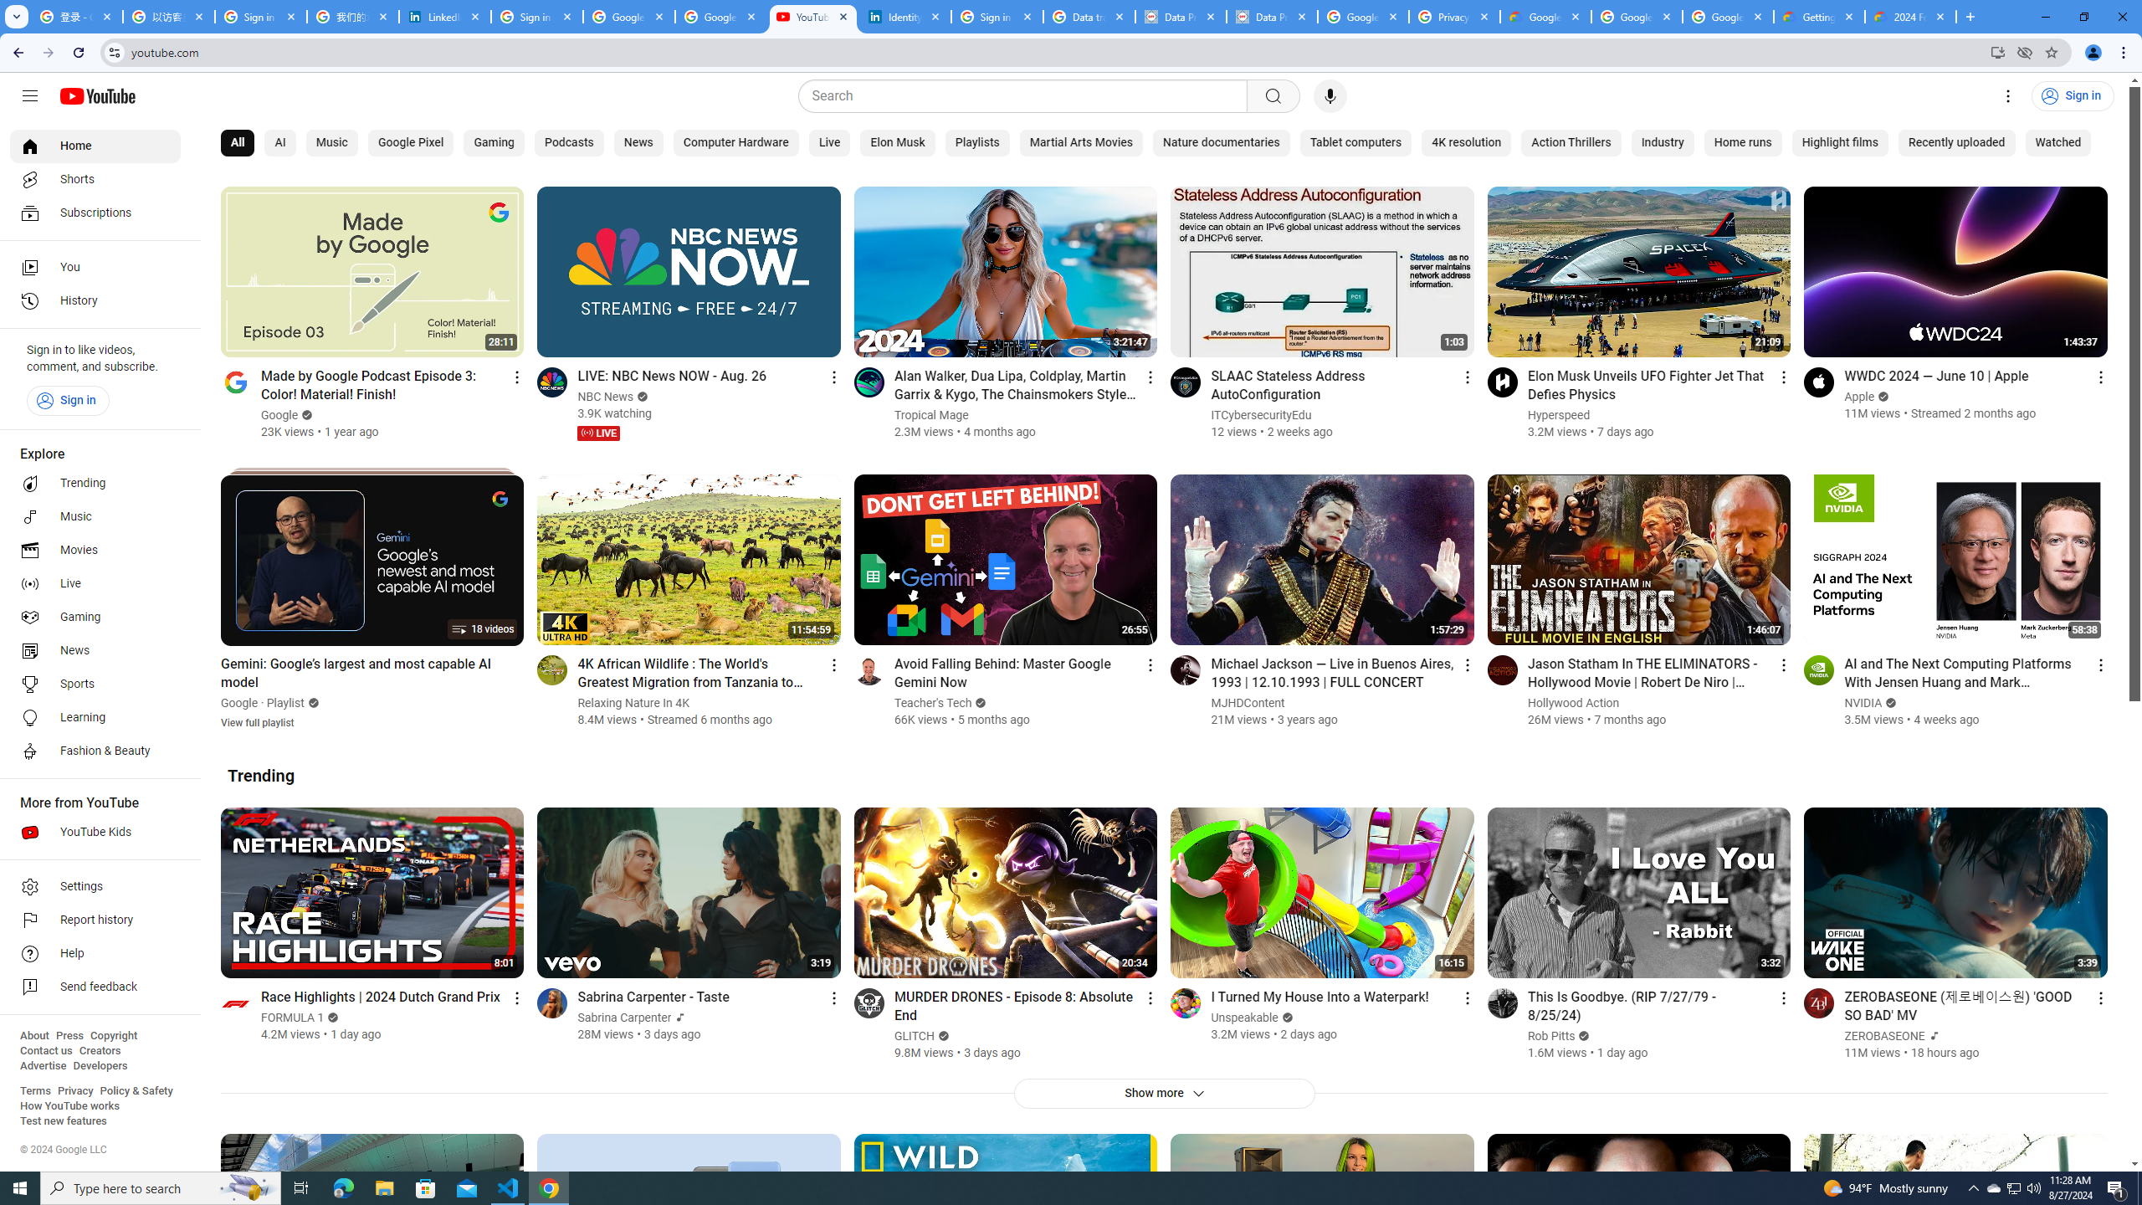 This screenshot has height=1205, width=2142. What do you see at coordinates (569, 143) in the screenshot?
I see `'Podcasts'` at bounding box center [569, 143].